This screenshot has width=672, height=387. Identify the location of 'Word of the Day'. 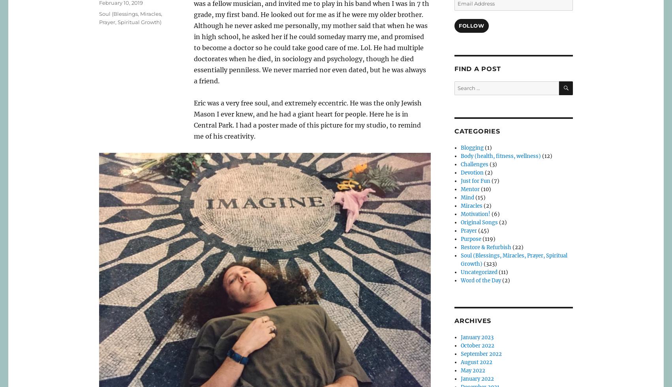
(481, 280).